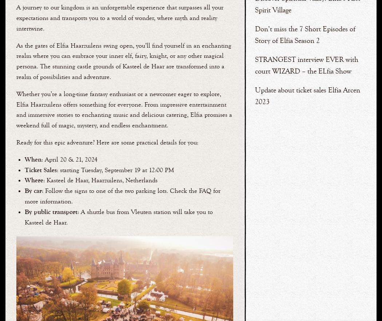 This screenshot has height=321, width=382. What do you see at coordinates (307, 64) in the screenshot?
I see `'STRANGEST interview EVER with court WIZARD – the ELfia Show'` at bounding box center [307, 64].